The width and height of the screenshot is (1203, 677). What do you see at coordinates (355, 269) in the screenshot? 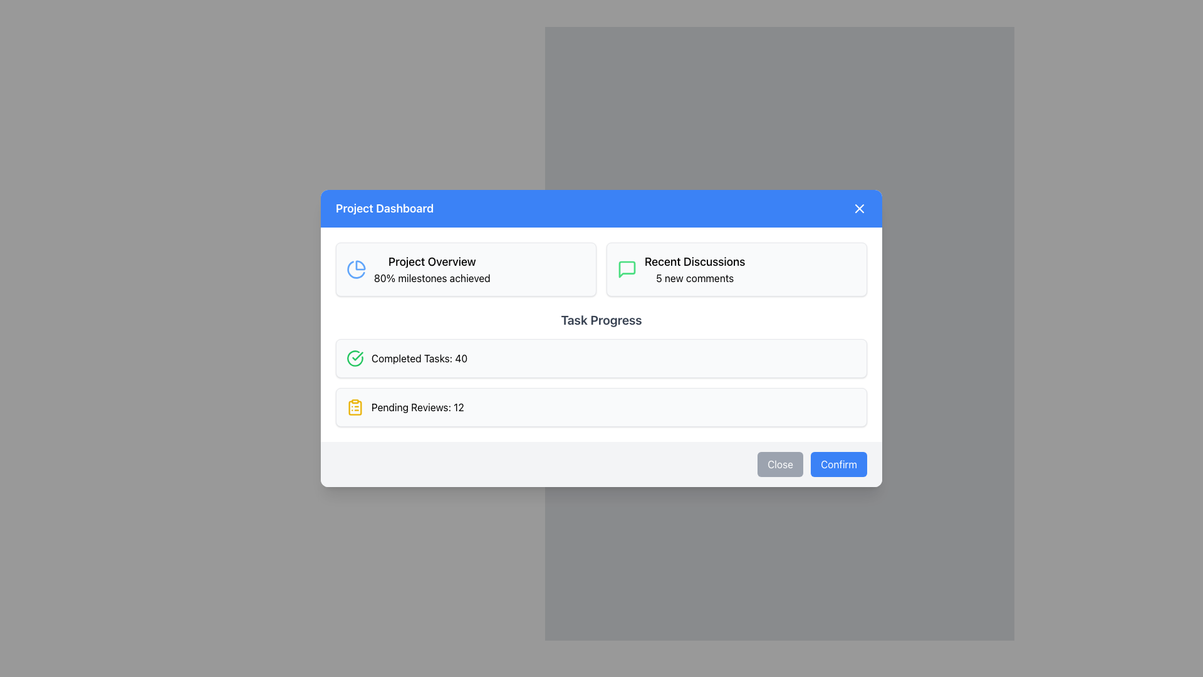
I see `the second slice of the pie chart icon within the 'Project Overview' card that is labeled with '80% milestones achieved'` at bounding box center [355, 269].